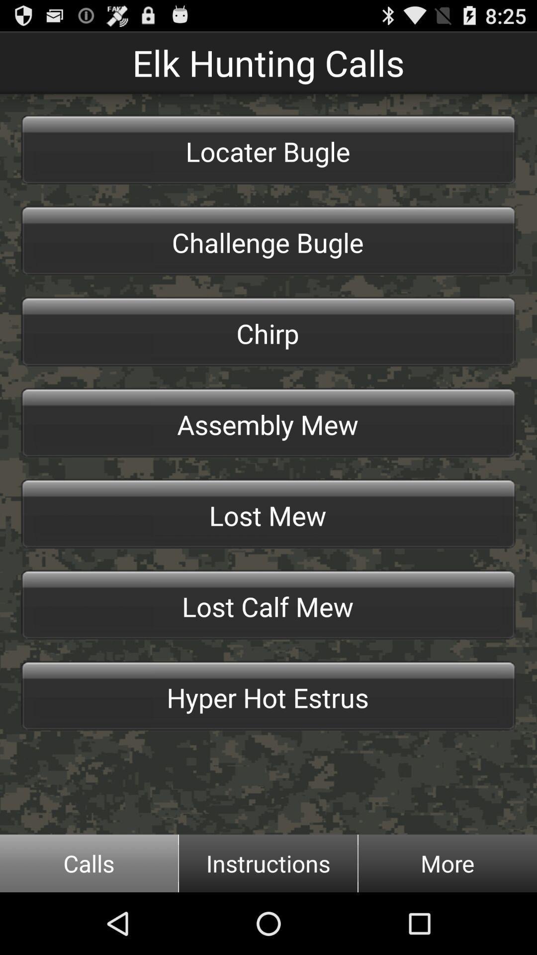 The width and height of the screenshot is (537, 955). I want to click on the item above the lost mew item, so click(268, 423).